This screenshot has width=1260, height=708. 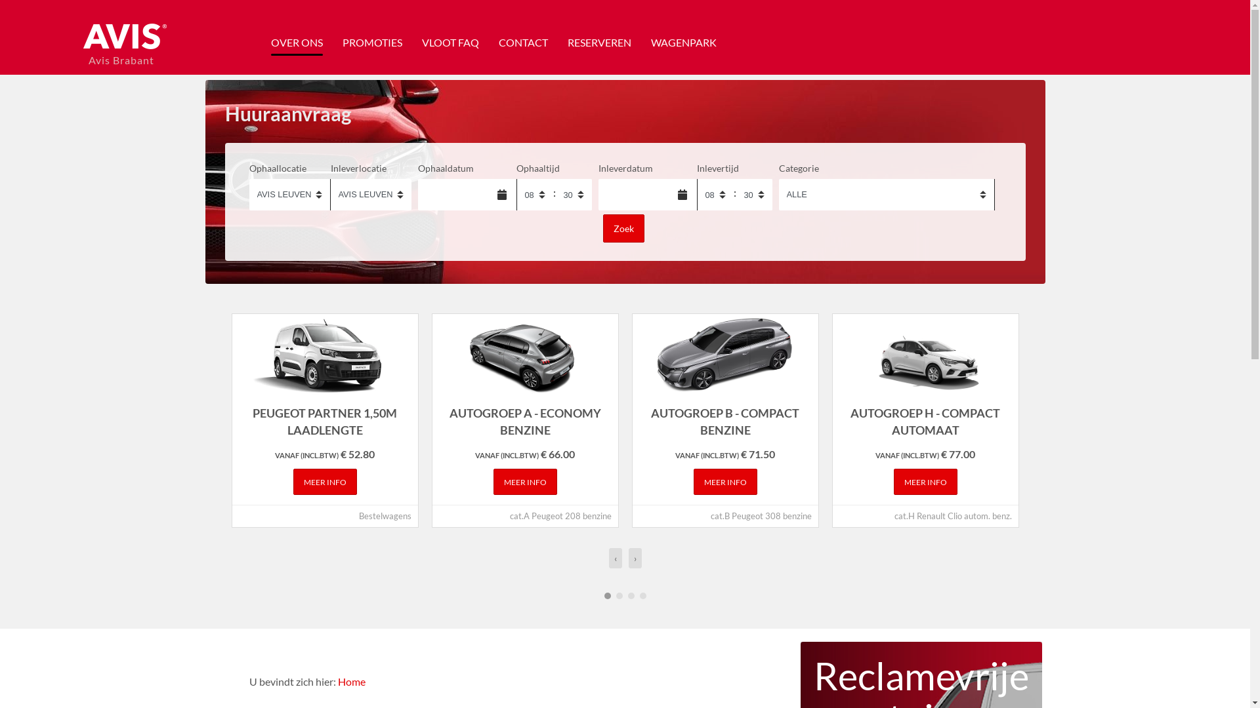 What do you see at coordinates (371, 41) in the screenshot?
I see `'PROMOTIES'` at bounding box center [371, 41].